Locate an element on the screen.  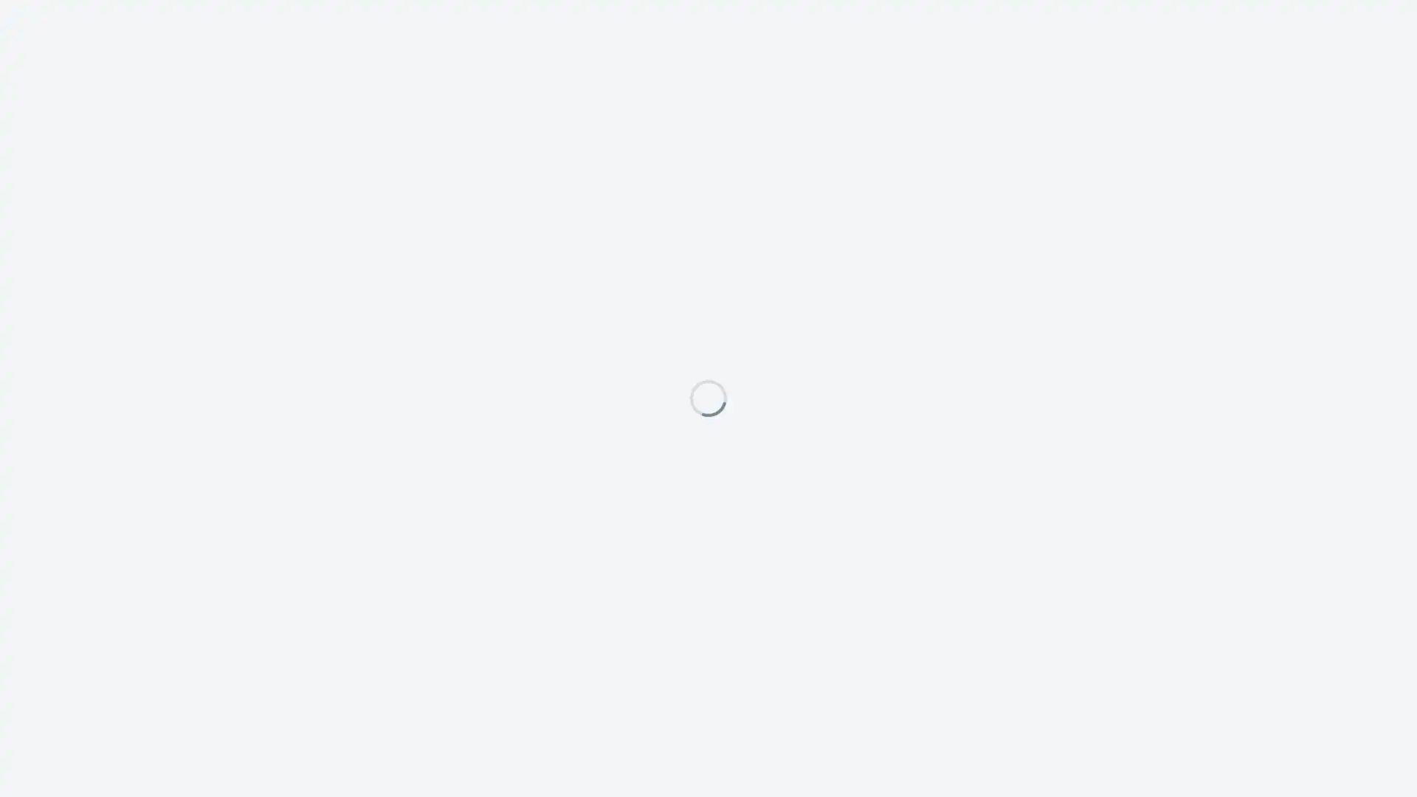
Forgot password? is located at coordinates (833, 502).